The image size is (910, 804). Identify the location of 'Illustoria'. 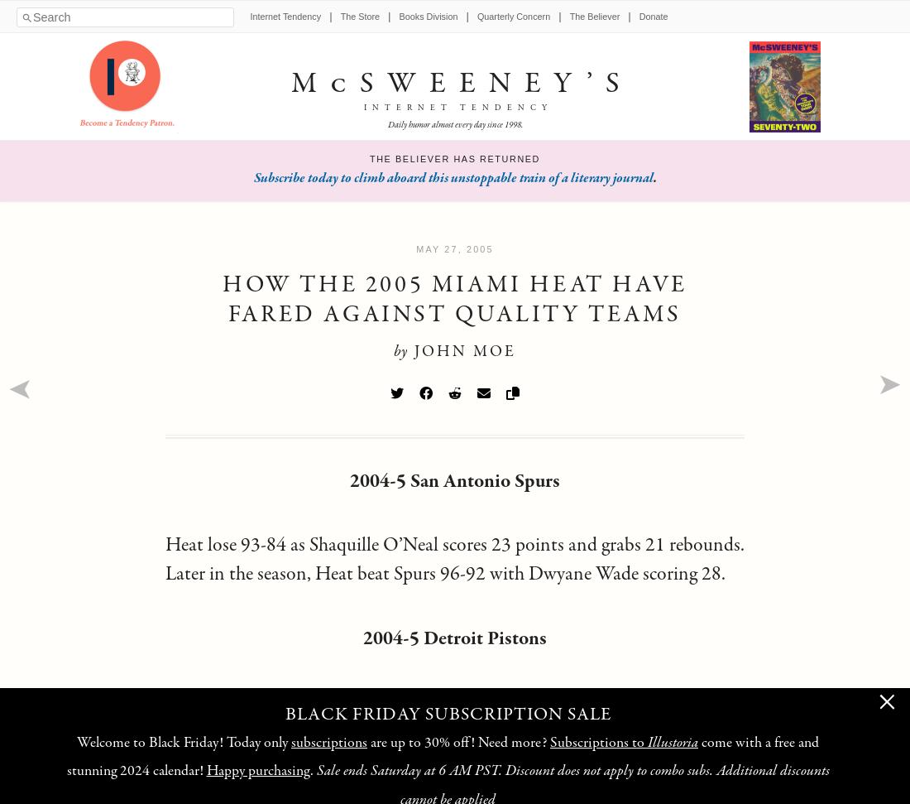
(673, 742).